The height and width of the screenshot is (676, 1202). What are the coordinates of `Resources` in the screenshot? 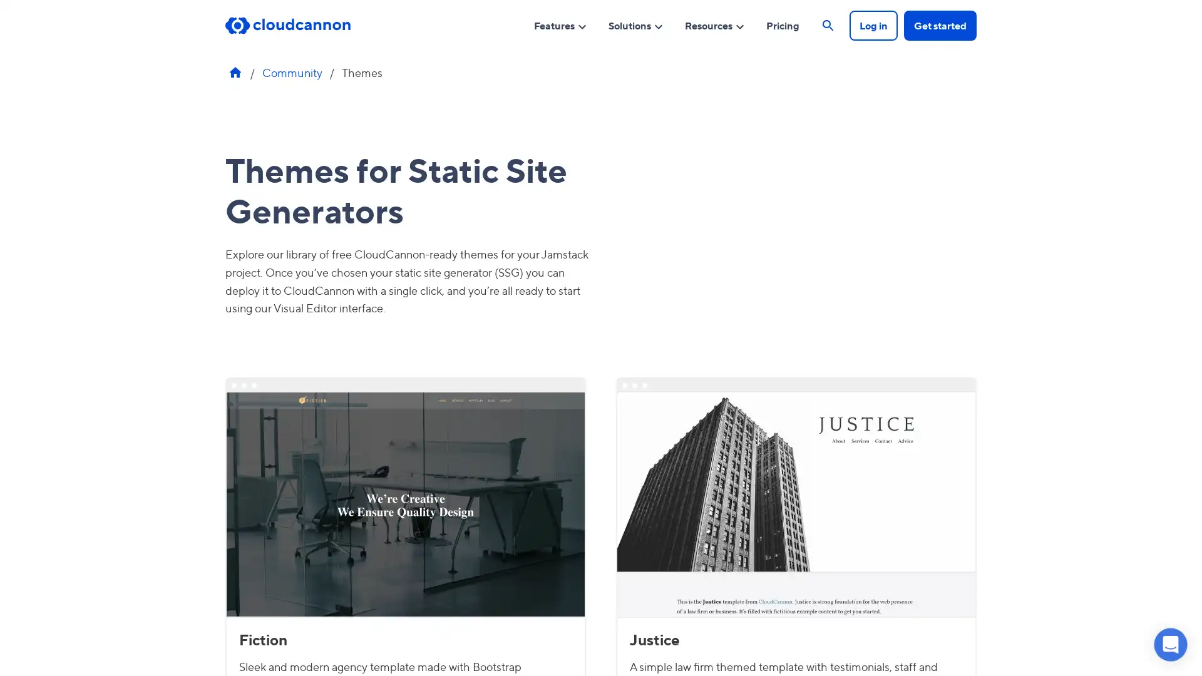 It's located at (715, 24).